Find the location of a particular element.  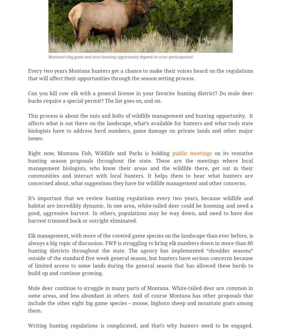

'This process is about the nuts and bolts of wildlife management and hunting opportunity.  It affects what is out there on the landscape, what’s available for hunters and what tools state biologists have to address herd numbers, game damage on private lands and other major issues.' is located at coordinates (27, 127).